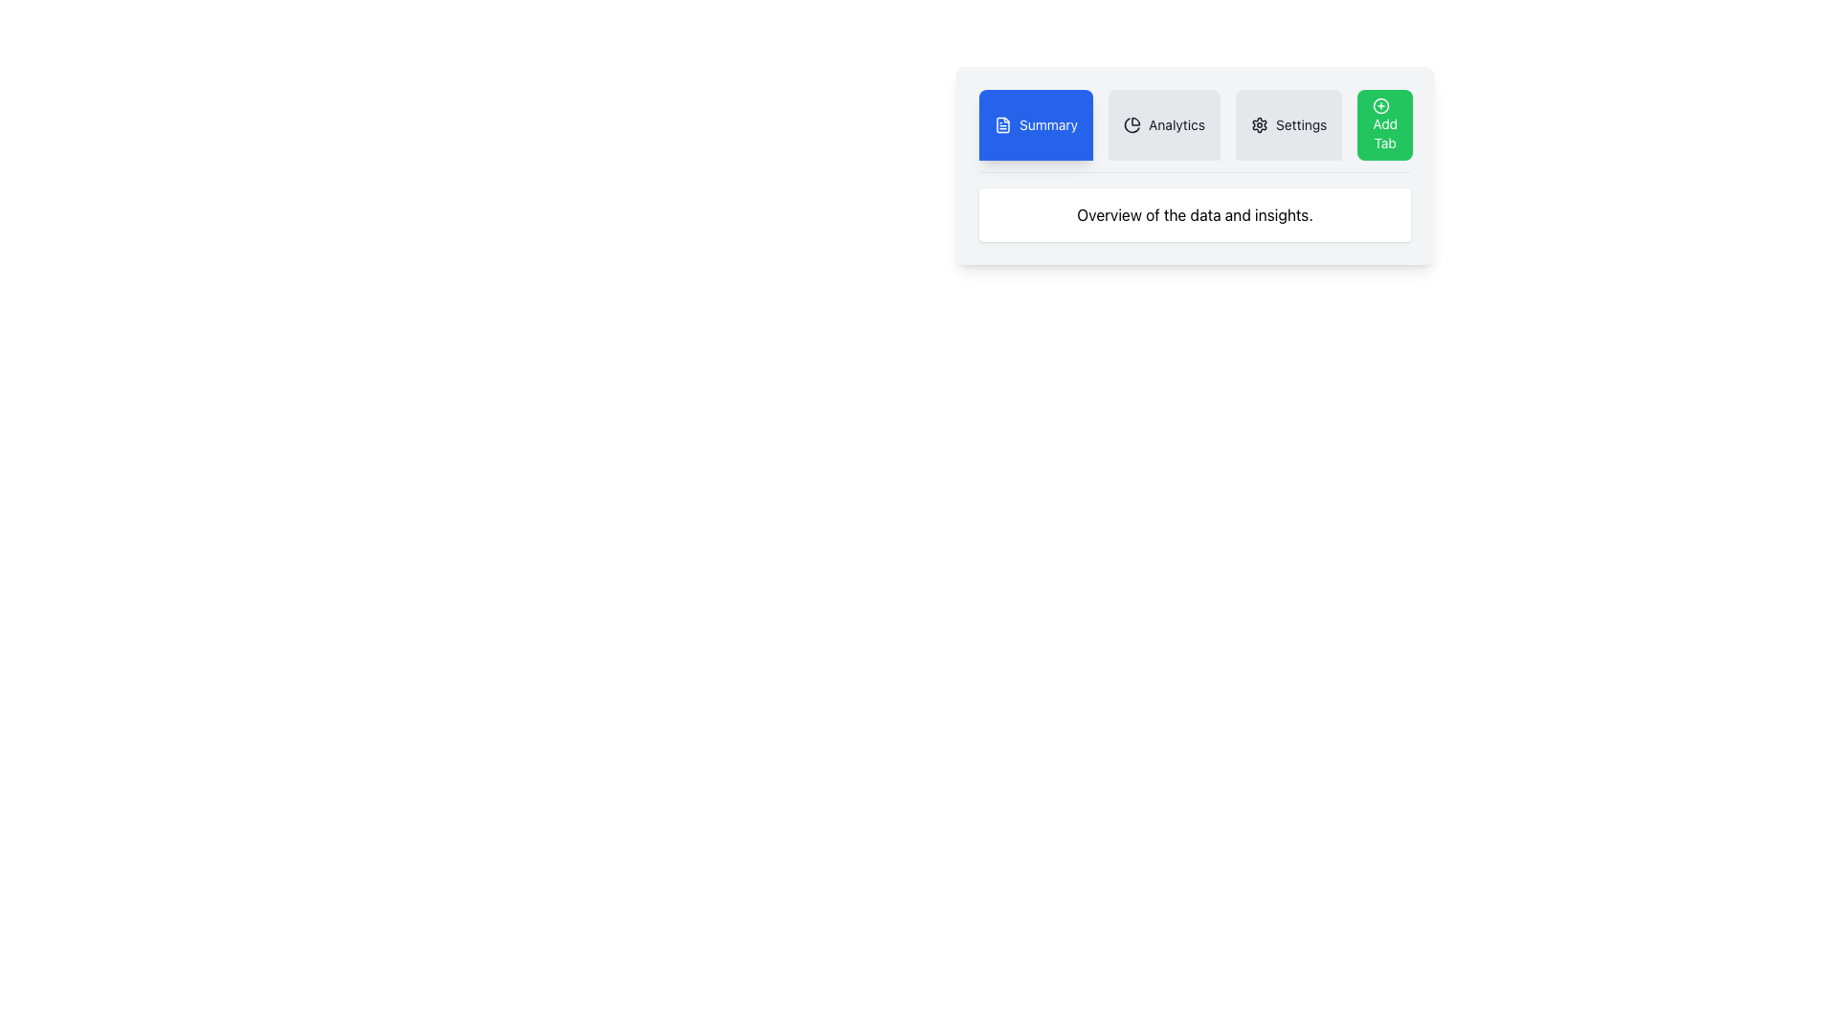 Image resolution: width=1838 pixels, height=1033 pixels. Describe the element at coordinates (1385, 125) in the screenshot. I see `the fourth tab-like button located at the top-right of the interface` at that location.